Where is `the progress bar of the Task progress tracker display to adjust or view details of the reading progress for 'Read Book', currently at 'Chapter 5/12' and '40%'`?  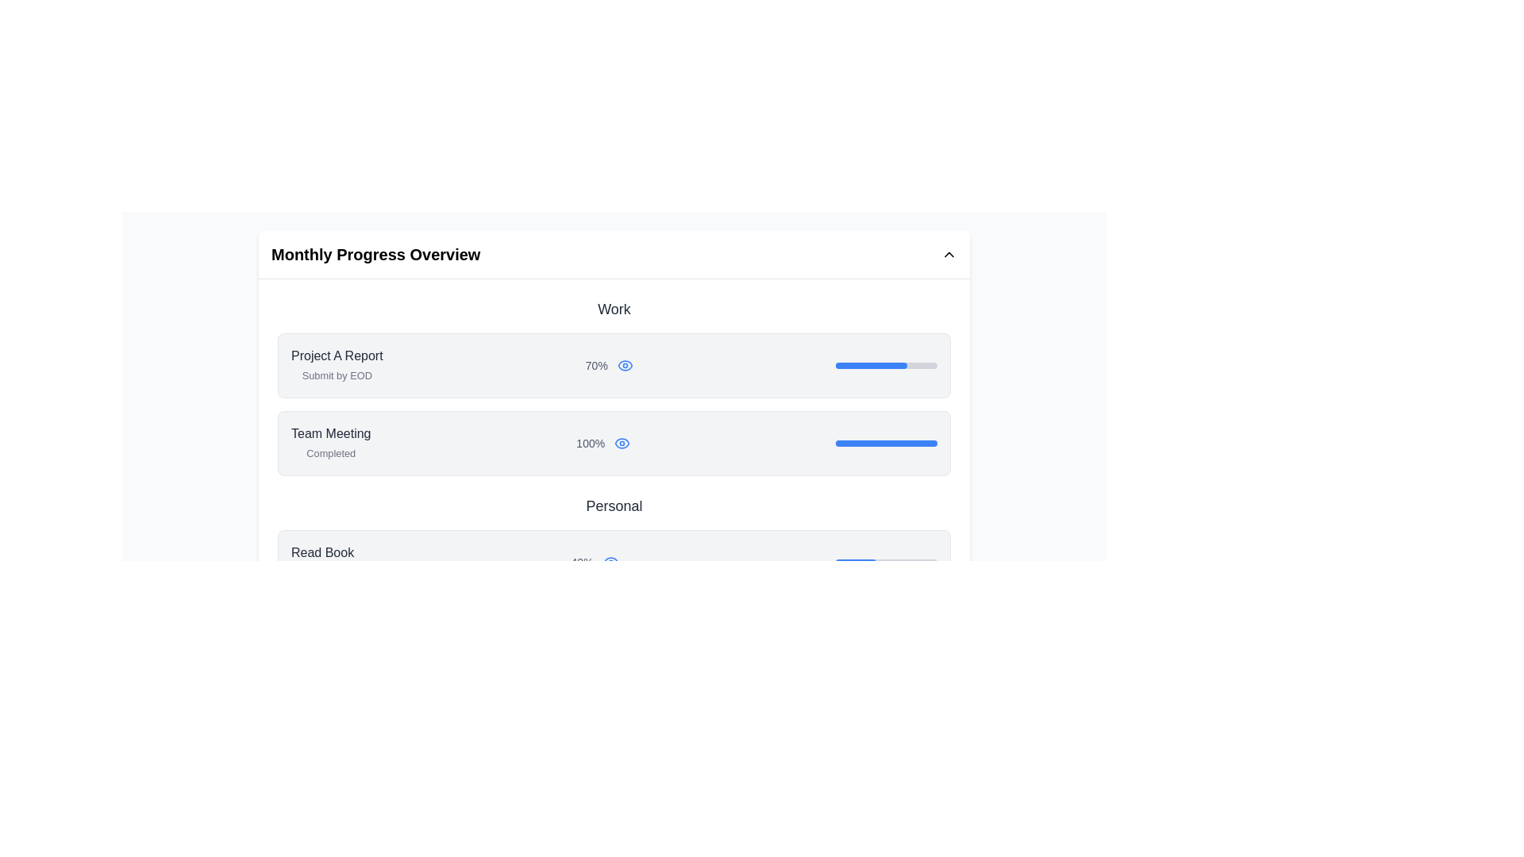
the progress bar of the Task progress tracker display to adjust or view details of the reading progress for 'Read Book', currently at 'Chapter 5/12' and '40%' is located at coordinates (613, 562).